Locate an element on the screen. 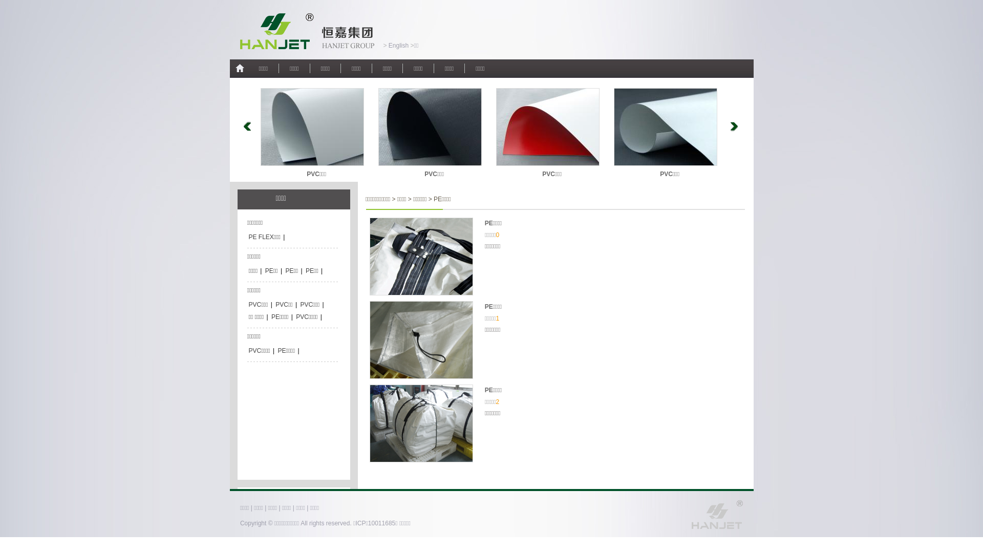  'English' is located at coordinates (397, 45).